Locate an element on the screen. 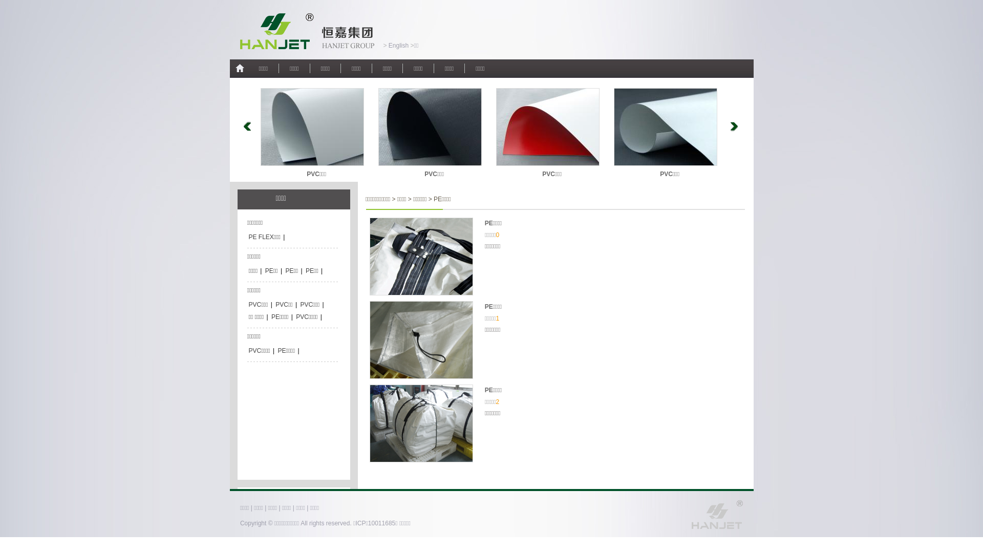  'English' is located at coordinates (397, 45).